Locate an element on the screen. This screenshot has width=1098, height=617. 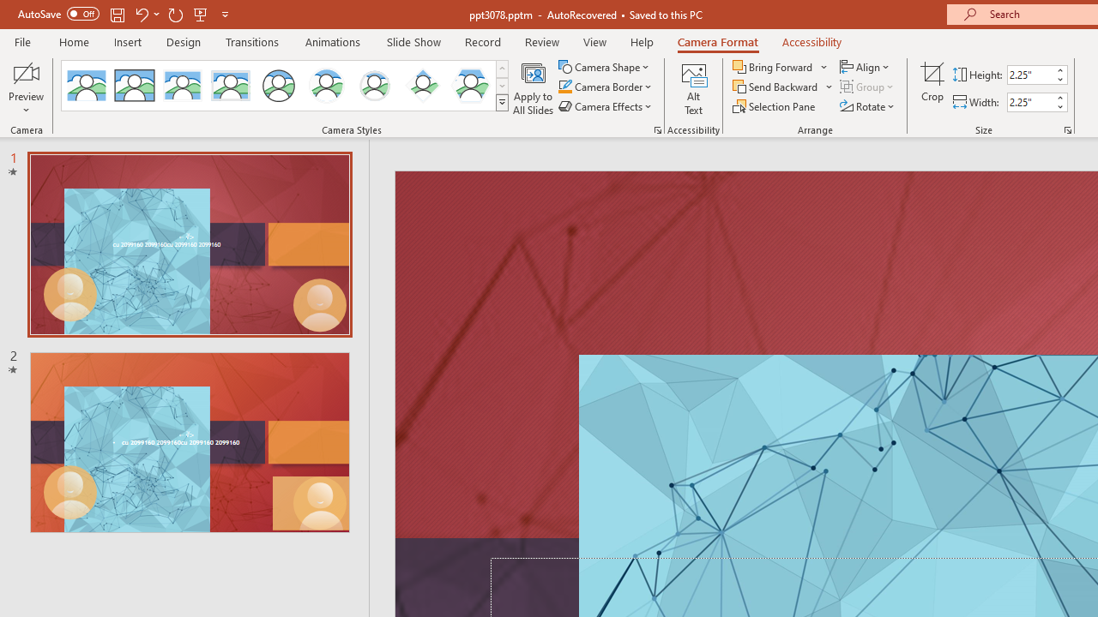
'Camera Border' is located at coordinates (606, 87).